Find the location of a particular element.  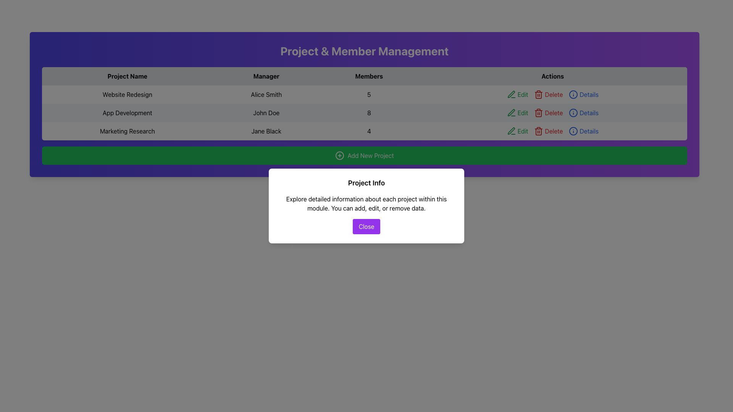

the Text Block that provides descriptive information below the 'Project Info' header and above the 'Close' button in the modal dialog is located at coordinates (366, 203).